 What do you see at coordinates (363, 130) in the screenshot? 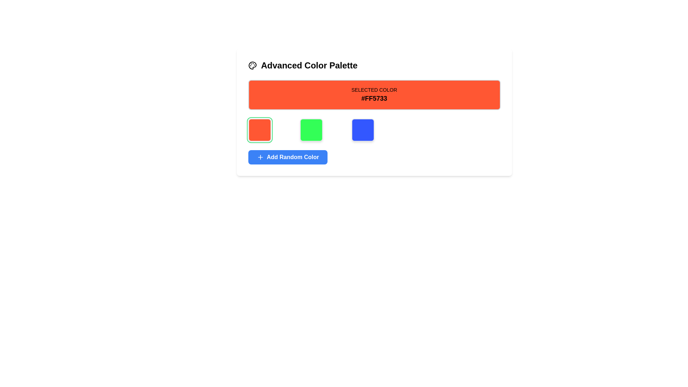
I see `the third color selection button in the grid, which is located to the right of the red and green buttons` at bounding box center [363, 130].